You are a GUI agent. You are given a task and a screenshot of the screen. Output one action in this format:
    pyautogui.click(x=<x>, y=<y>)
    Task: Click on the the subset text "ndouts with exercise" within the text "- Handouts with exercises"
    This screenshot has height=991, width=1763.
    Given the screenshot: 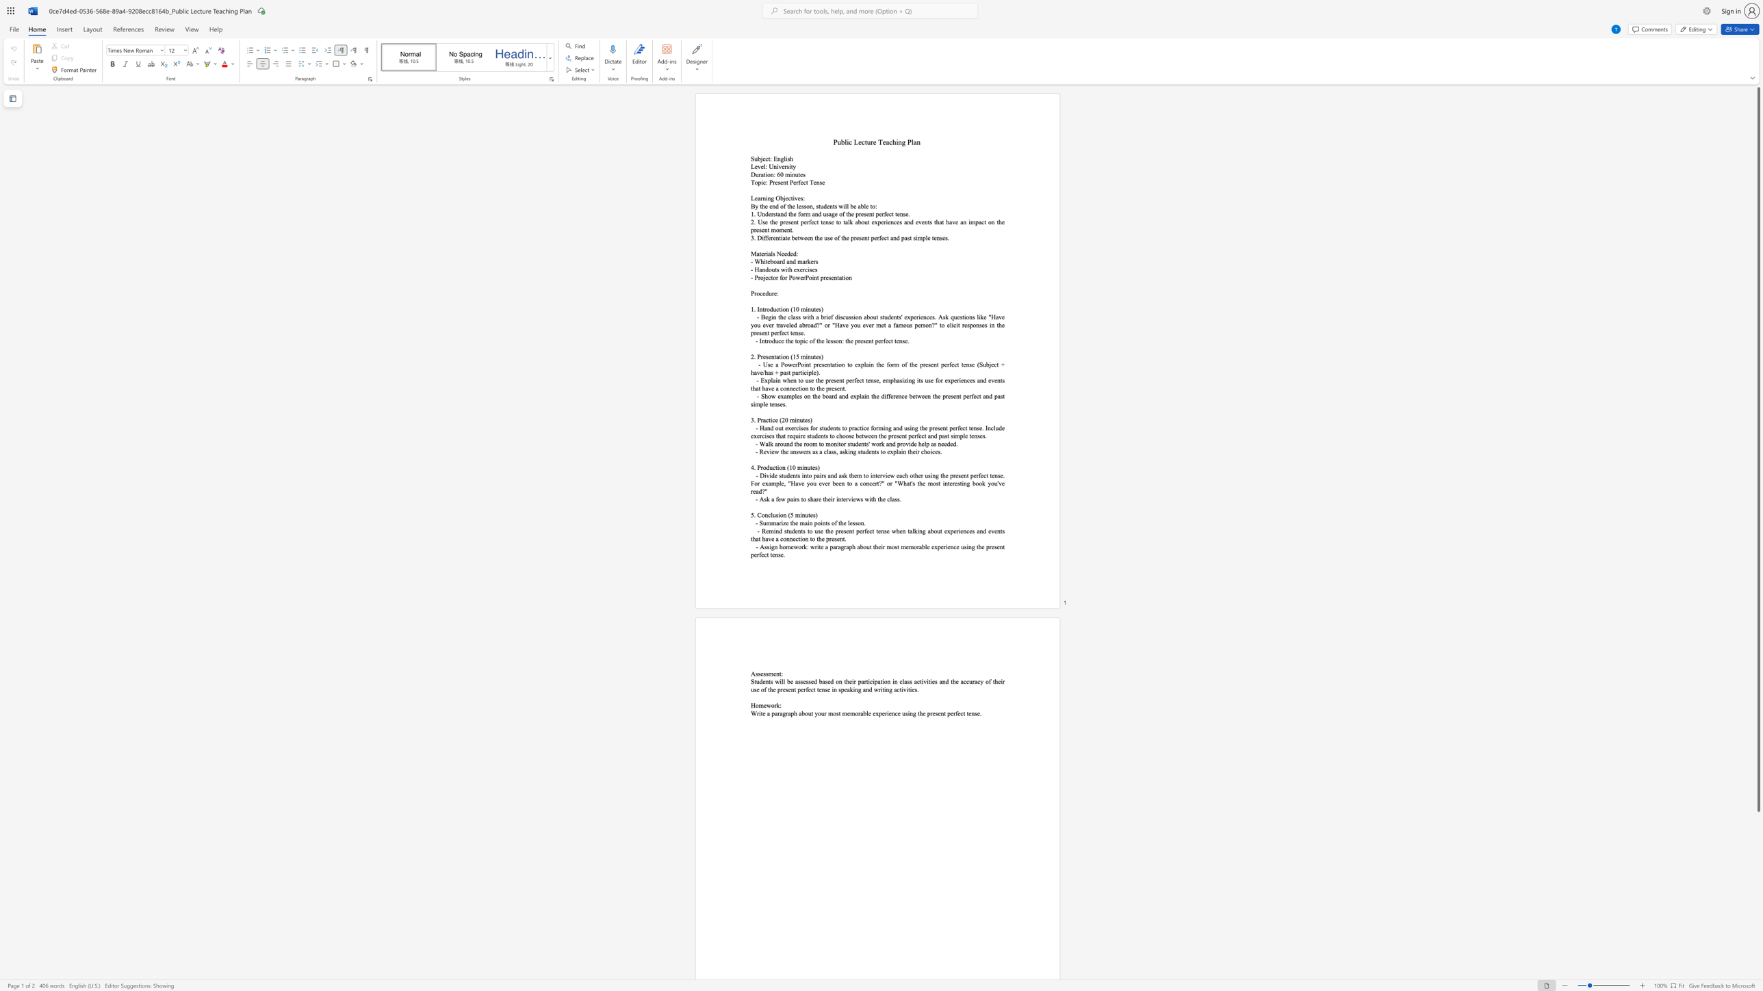 What is the action you would take?
    pyautogui.click(x=762, y=269)
    